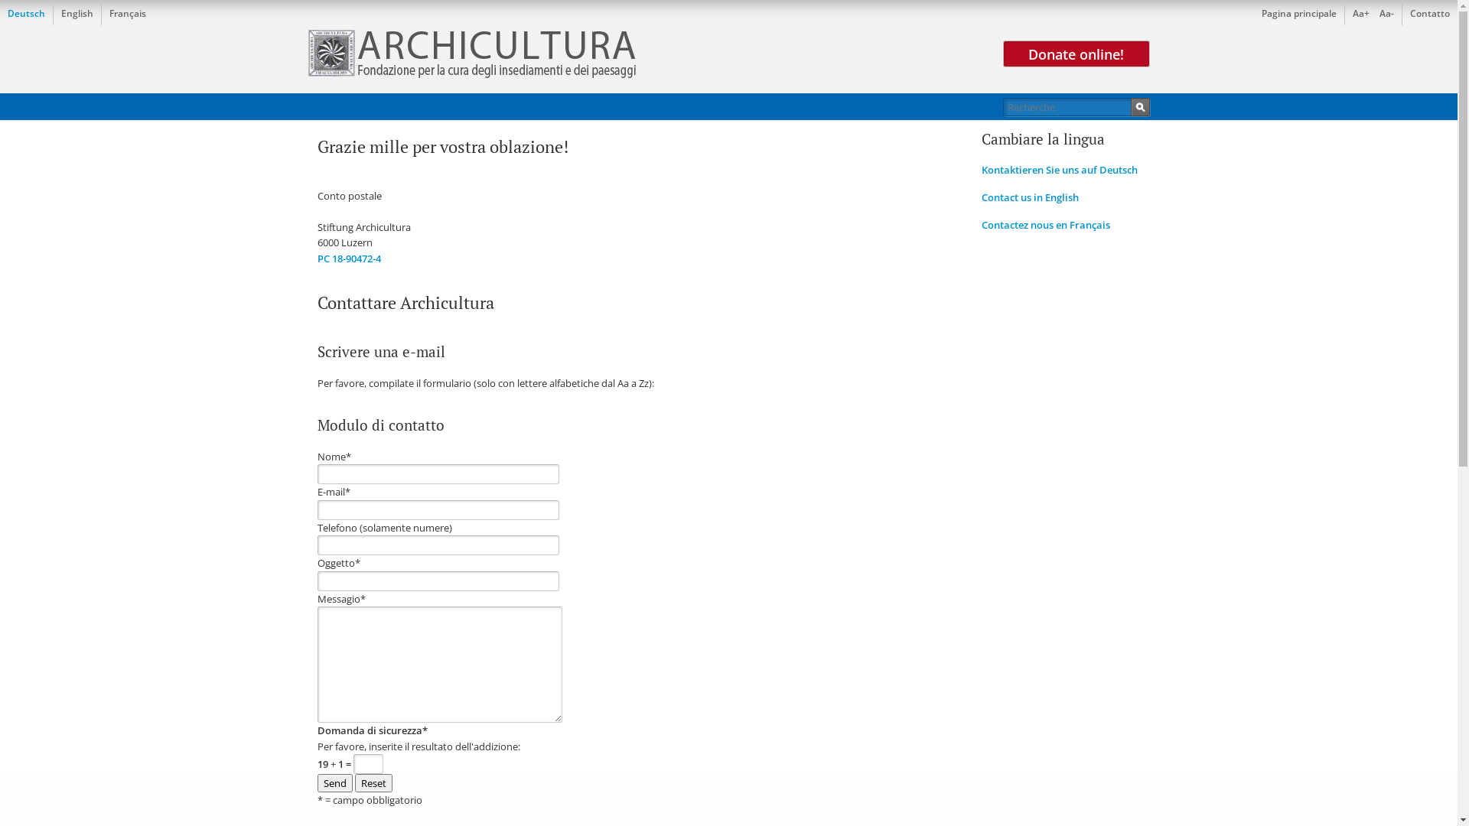 This screenshot has height=826, width=1469. Describe the element at coordinates (347, 258) in the screenshot. I see `'PC 18-90472-4'` at that location.